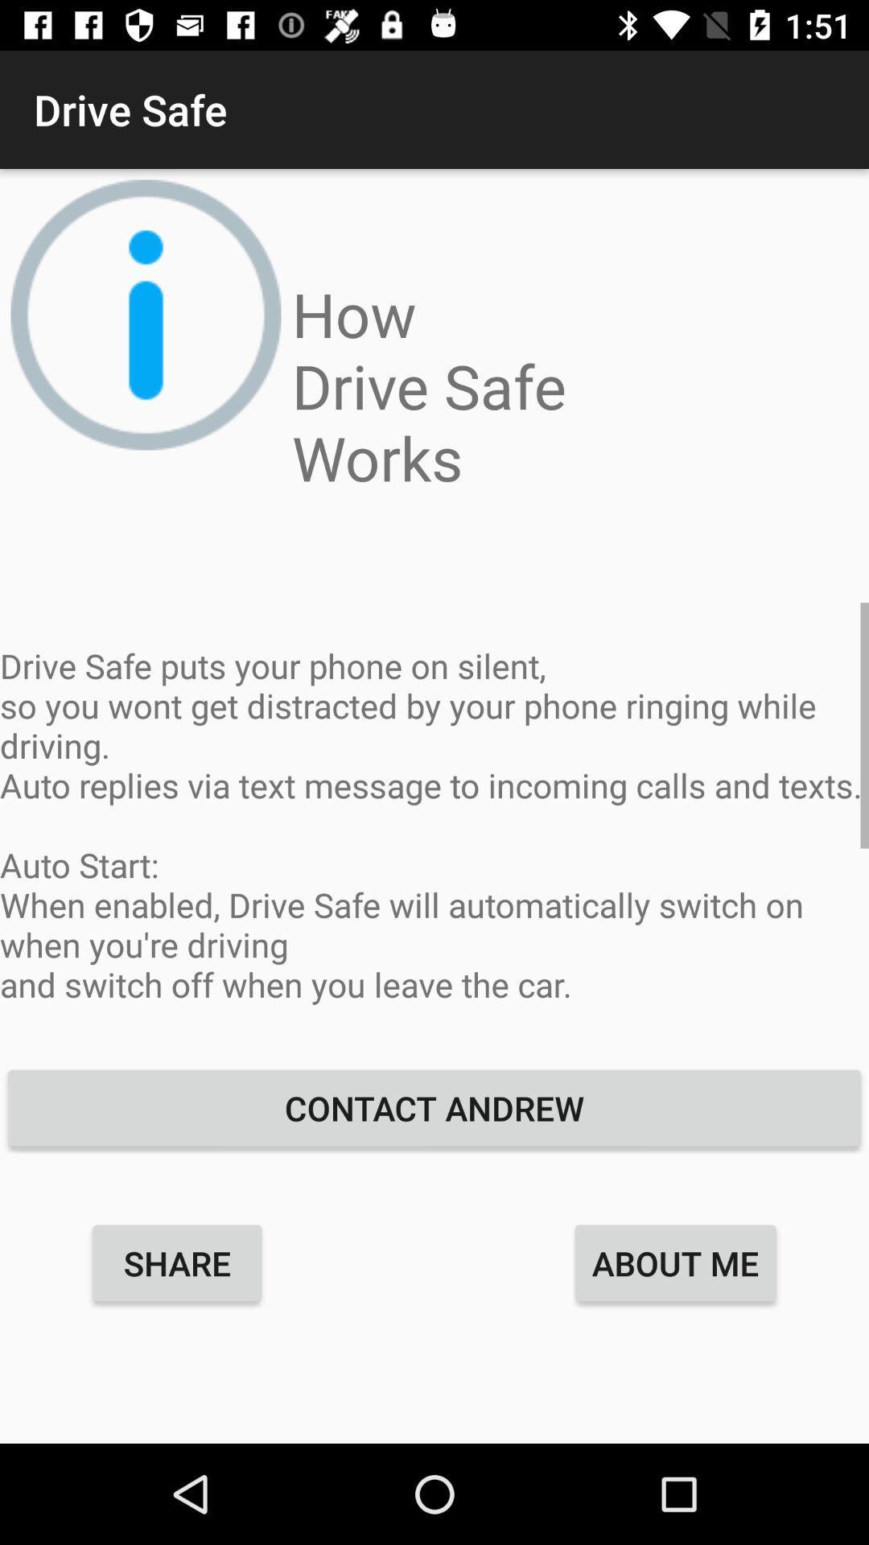 The height and width of the screenshot is (1545, 869). What do you see at coordinates (675, 1262) in the screenshot?
I see `the about me` at bounding box center [675, 1262].